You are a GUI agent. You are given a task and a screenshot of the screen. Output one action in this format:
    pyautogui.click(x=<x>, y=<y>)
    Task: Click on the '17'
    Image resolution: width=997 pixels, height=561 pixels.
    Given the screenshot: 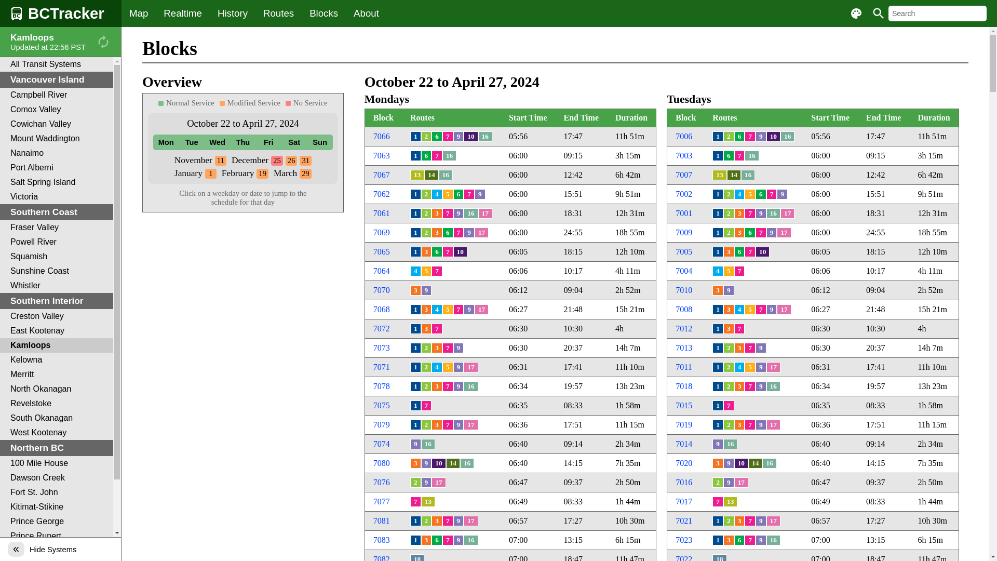 What is the action you would take?
    pyautogui.click(x=481, y=309)
    